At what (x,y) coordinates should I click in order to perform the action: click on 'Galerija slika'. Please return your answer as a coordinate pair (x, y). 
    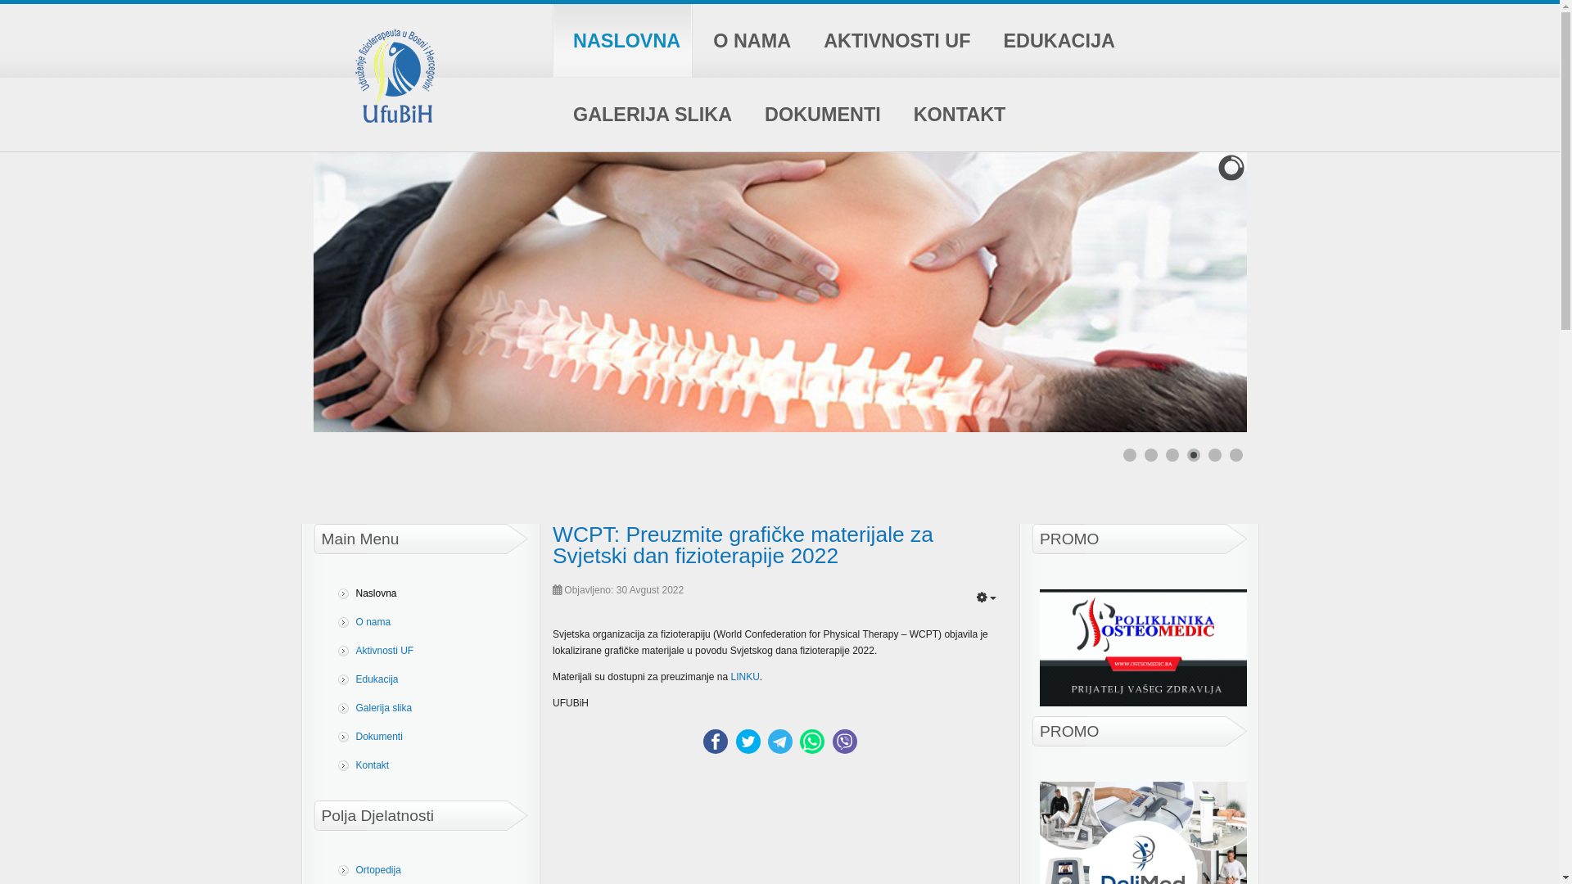
    Looking at the image, I should click on (424, 707).